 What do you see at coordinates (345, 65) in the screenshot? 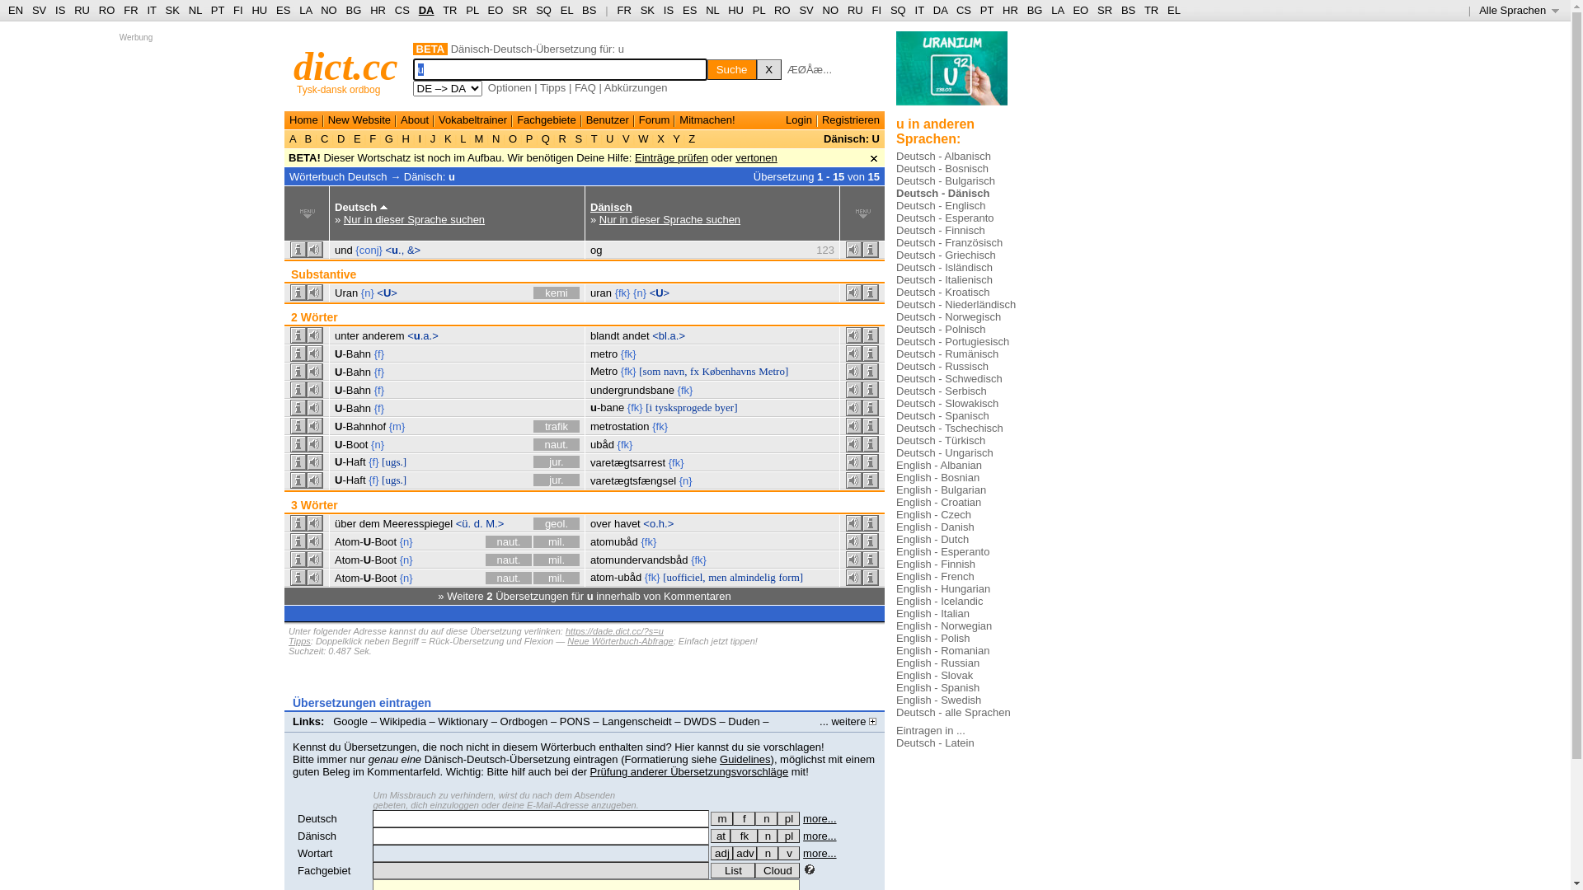
I see `'dict.cc'` at bounding box center [345, 65].